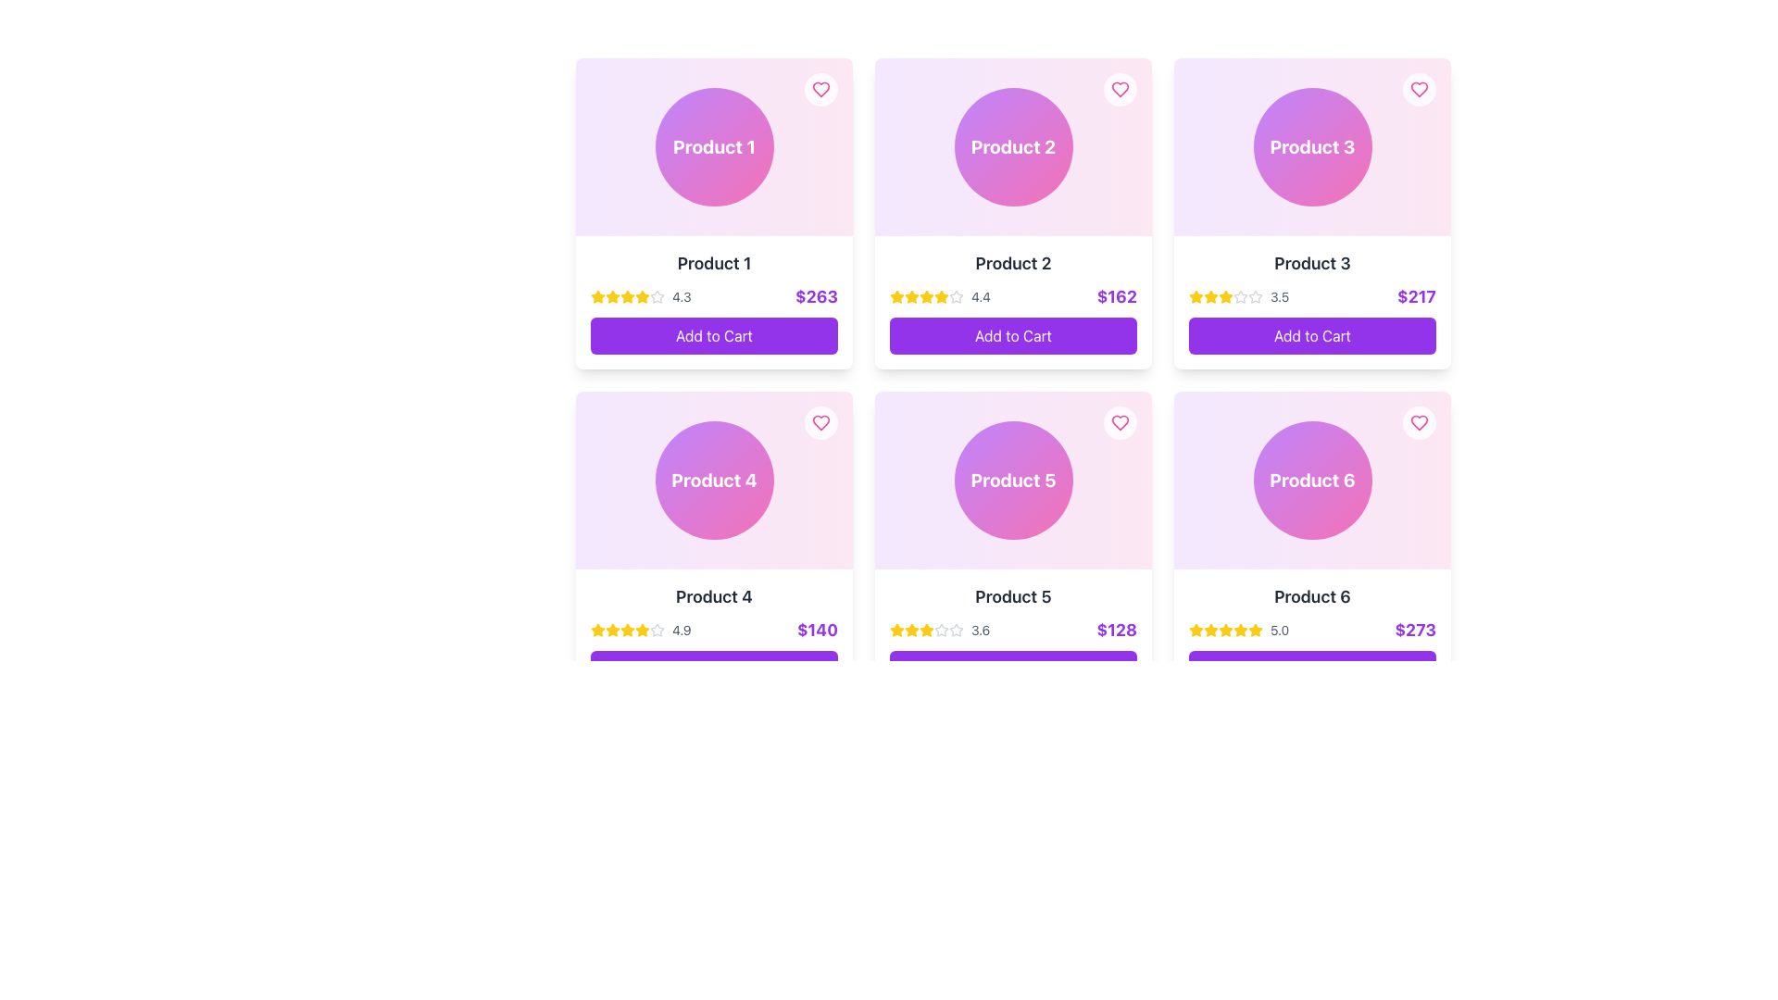  I want to click on the Decorative Icon, which is a star icon located within the 'Product 4' card in the second row, first column of the grid layout, visually conveying the rating's value before the numeric value '4.9', so click(657, 629).